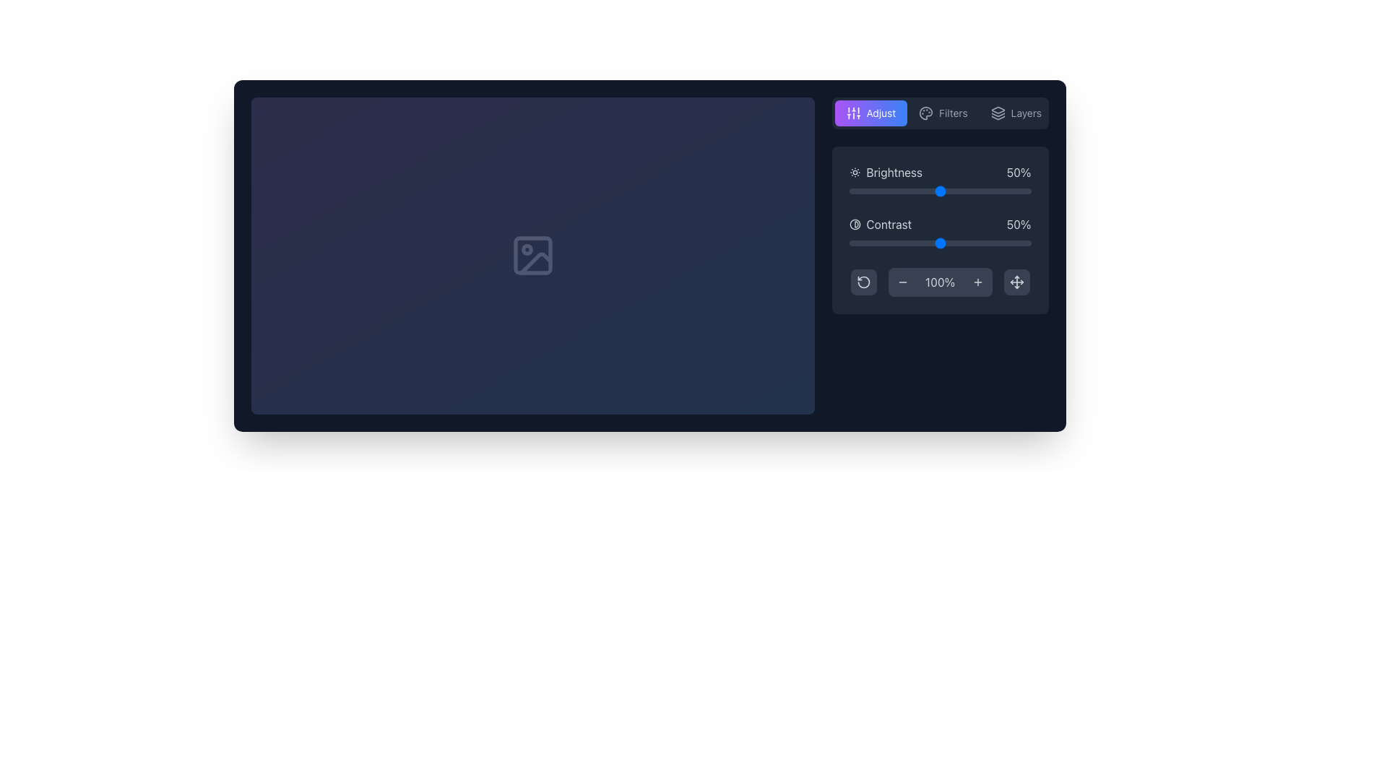  Describe the element at coordinates (977, 282) in the screenshot. I see `the '+' icon button located at the bottom right section of the control panel` at that location.